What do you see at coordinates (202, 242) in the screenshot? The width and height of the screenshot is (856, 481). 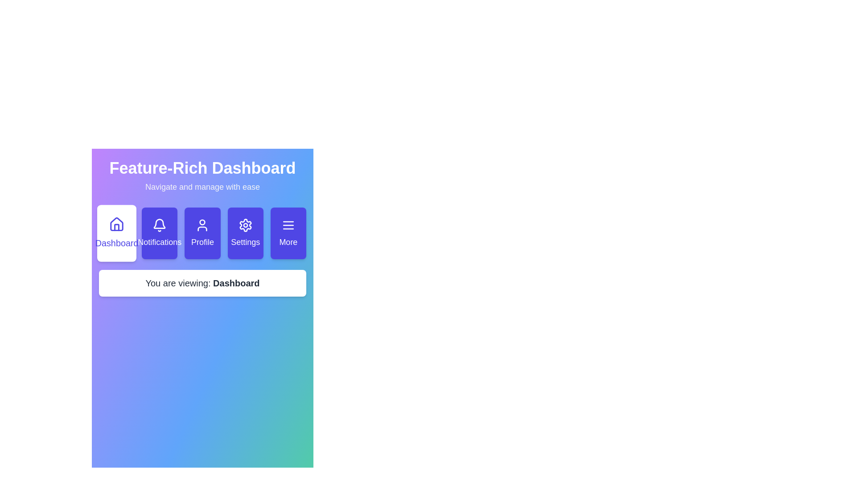 I see `the label in the middle of the navigation bar` at bounding box center [202, 242].